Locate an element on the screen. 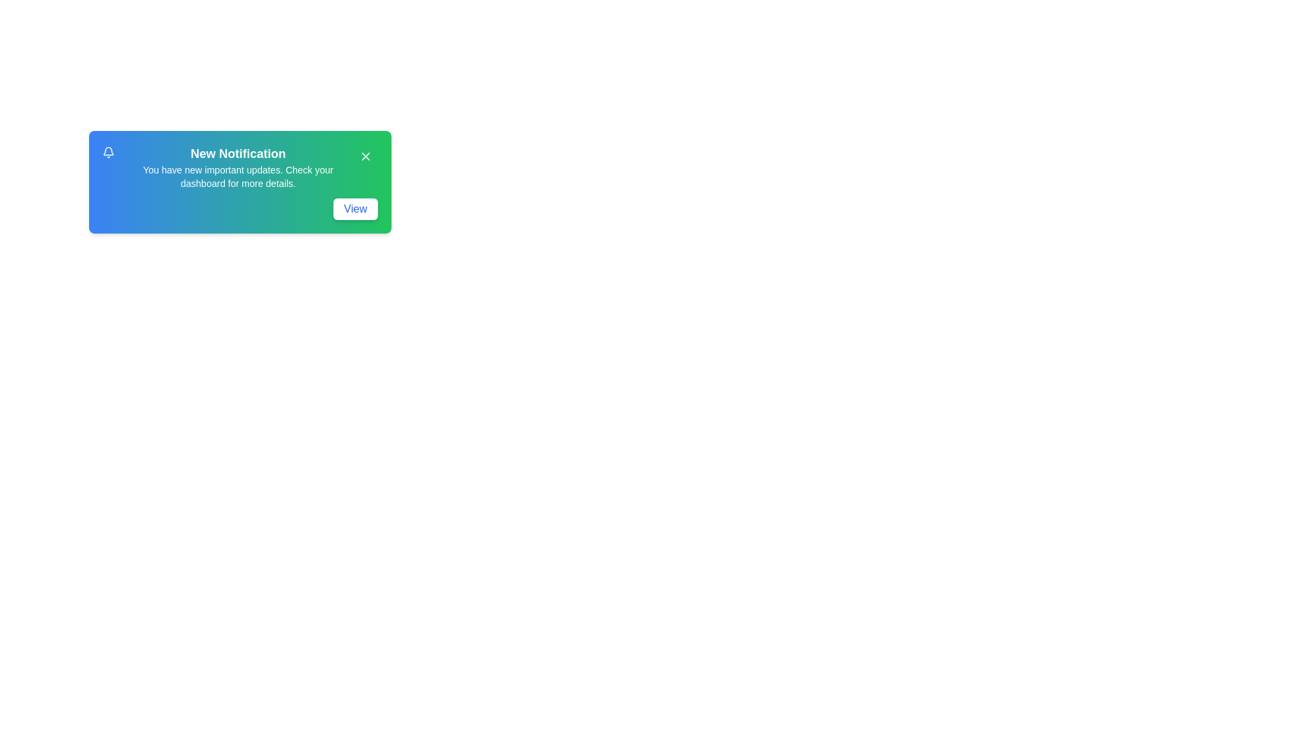 This screenshot has height=729, width=1296. the 'View' button to view details is located at coordinates (355, 209).